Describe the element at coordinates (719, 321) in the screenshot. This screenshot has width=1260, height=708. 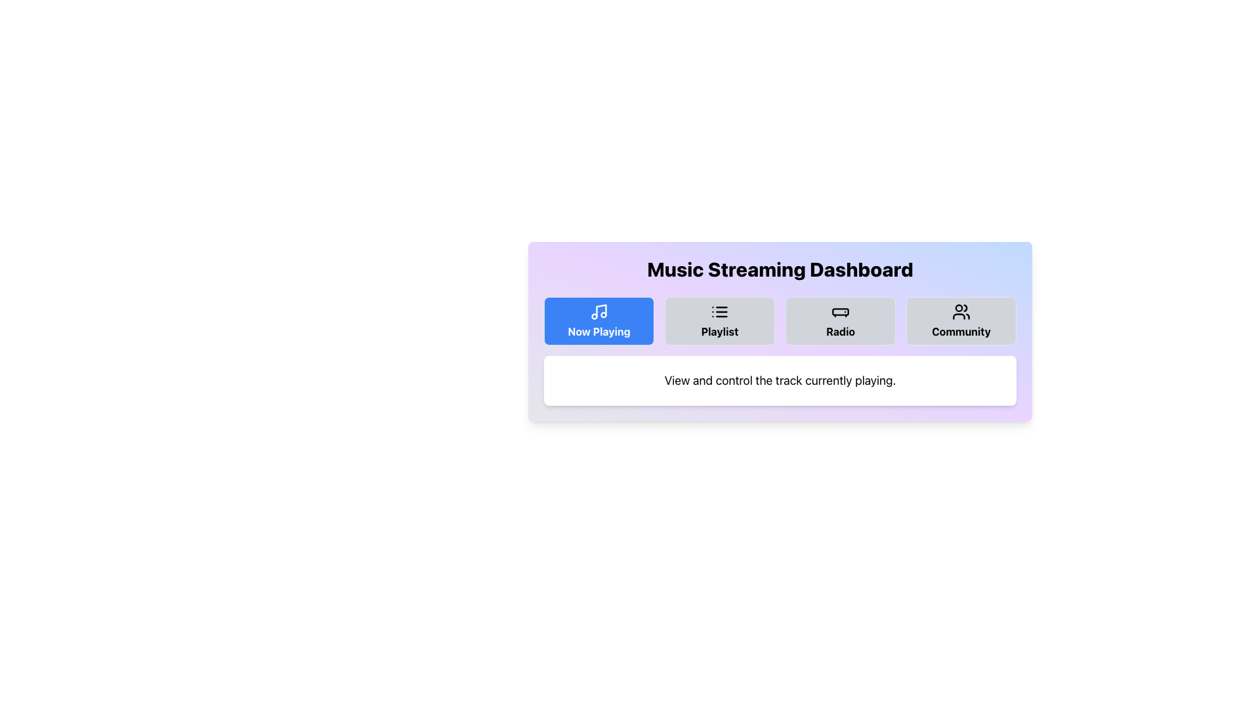
I see `the 'Playlist' button with a gray background and black text, which features a list icon above the label` at that location.